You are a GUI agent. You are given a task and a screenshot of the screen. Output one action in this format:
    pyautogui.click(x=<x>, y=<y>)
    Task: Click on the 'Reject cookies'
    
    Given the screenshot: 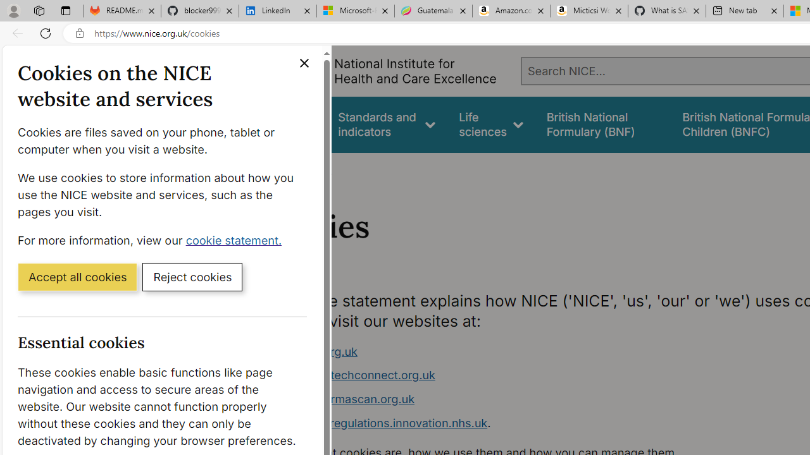 What is the action you would take?
    pyautogui.click(x=192, y=276)
    